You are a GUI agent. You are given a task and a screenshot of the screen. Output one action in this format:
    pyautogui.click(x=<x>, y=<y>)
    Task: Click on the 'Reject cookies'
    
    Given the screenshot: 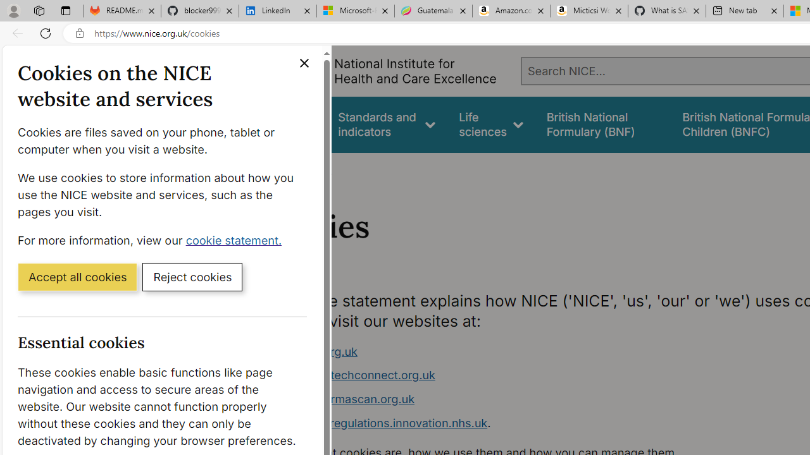 What is the action you would take?
    pyautogui.click(x=192, y=276)
    